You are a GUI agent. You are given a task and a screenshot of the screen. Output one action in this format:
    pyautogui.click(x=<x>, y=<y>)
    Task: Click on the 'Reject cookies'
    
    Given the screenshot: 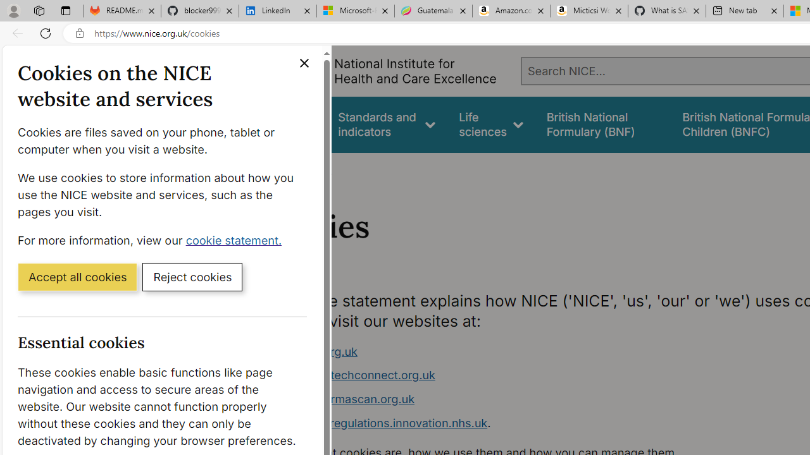 What is the action you would take?
    pyautogui.click(x=192, y=276)
    